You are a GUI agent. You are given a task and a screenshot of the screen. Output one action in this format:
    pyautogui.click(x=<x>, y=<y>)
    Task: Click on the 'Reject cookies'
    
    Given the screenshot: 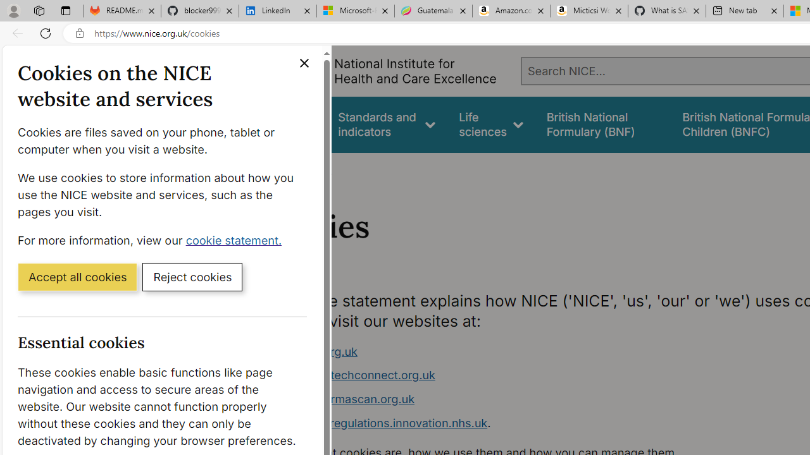 What is the action you would take?
    pyautogui.click(x=192, y=276)
    